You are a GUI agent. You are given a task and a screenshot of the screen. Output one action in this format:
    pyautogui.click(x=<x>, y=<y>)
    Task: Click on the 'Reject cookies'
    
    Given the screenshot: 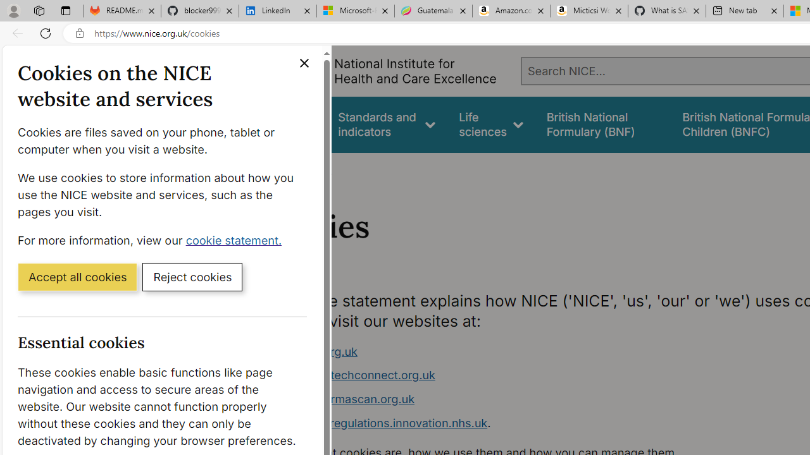 What is the action you would take?
    pyautogui.click(x=192, y=276)
    